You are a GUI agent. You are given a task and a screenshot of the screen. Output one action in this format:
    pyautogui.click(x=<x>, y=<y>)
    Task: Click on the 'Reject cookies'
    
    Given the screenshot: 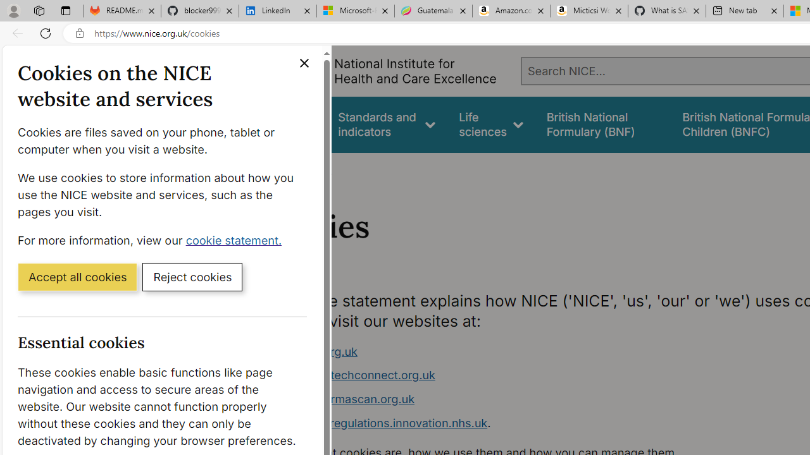 What is the action you would take?
    pyautogui.click(x=192, y=276)
    